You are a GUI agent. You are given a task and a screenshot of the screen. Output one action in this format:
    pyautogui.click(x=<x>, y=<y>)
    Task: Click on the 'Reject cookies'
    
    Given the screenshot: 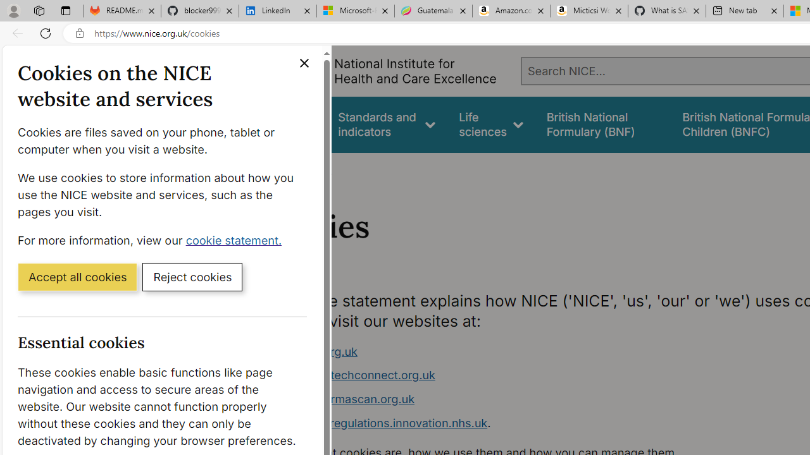 What is the action you would take?
    pyautogui.click(x=192, y=276)
    